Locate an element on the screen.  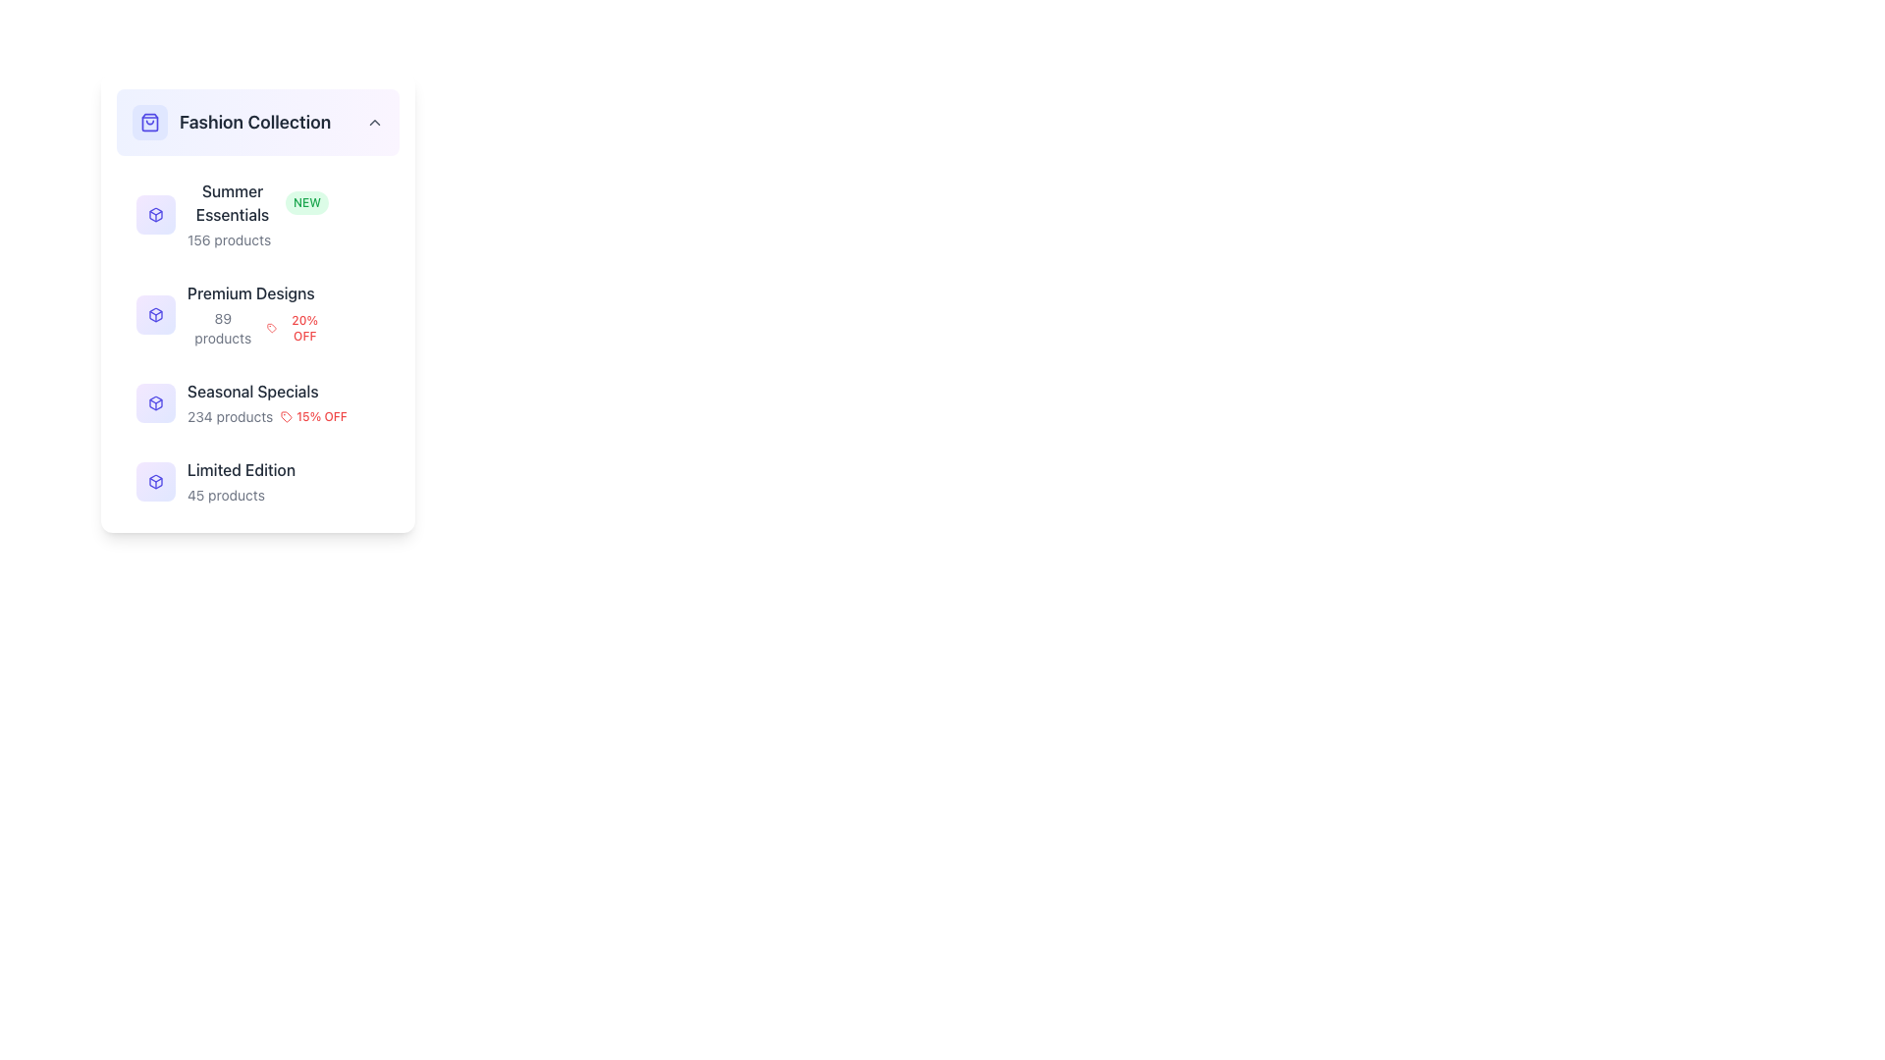
the 'Premium Designs' category list item, which is a rectangular panel with a white background, containing promotional text '20% OFF' in red color, positioned as the second item in a vertical list is located at coordinates (257, 302).